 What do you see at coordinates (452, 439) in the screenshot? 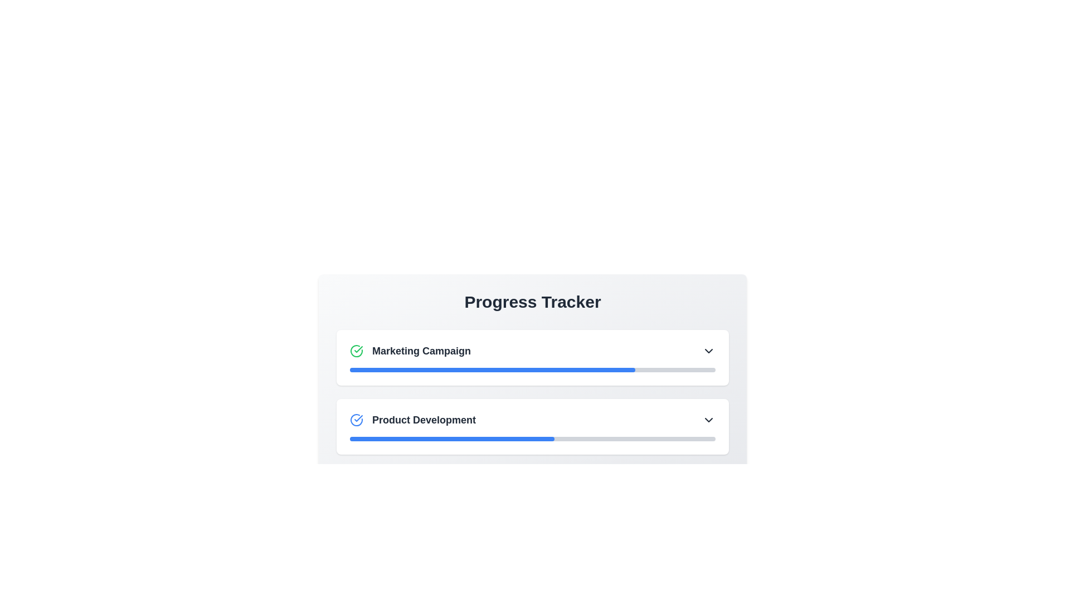
I see `the progress indicator, which is a blue-filled horizontal bar located in the second section titled 'Product Development' of the 'Progress Tracker.'` at bounding box center [452, 439].